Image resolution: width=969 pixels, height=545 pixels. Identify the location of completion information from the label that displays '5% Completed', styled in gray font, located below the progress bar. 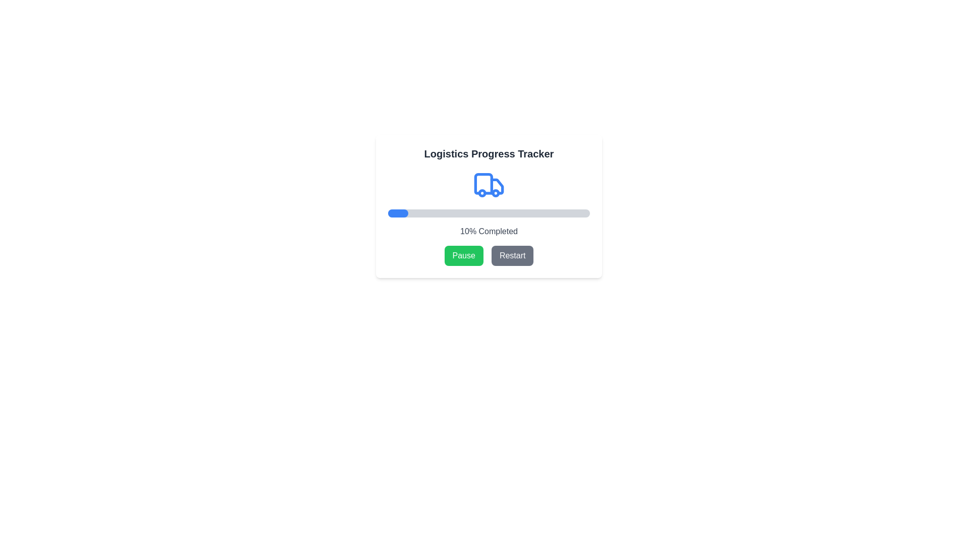
(489, 232).